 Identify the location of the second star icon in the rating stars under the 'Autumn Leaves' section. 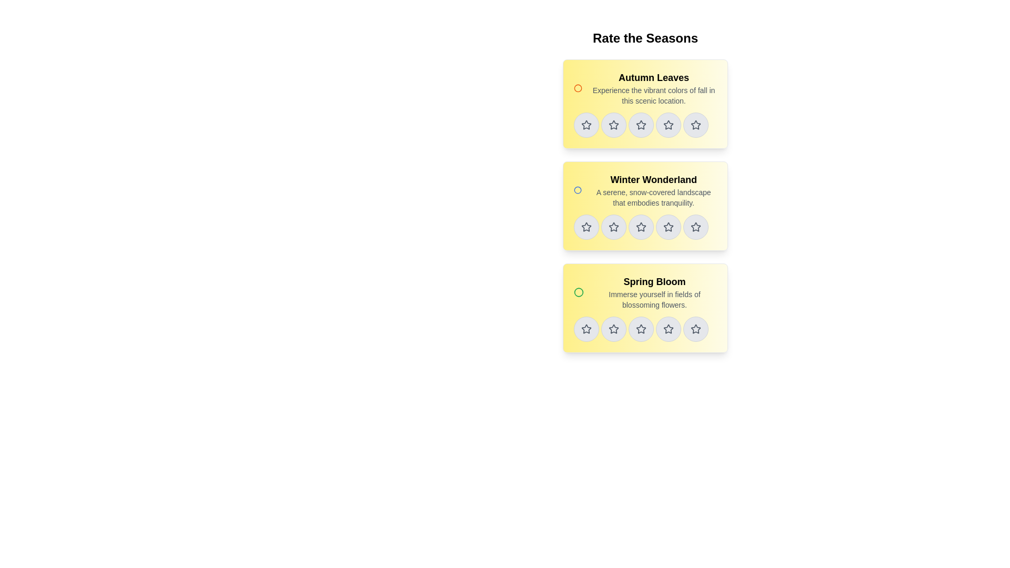
(641, 125).